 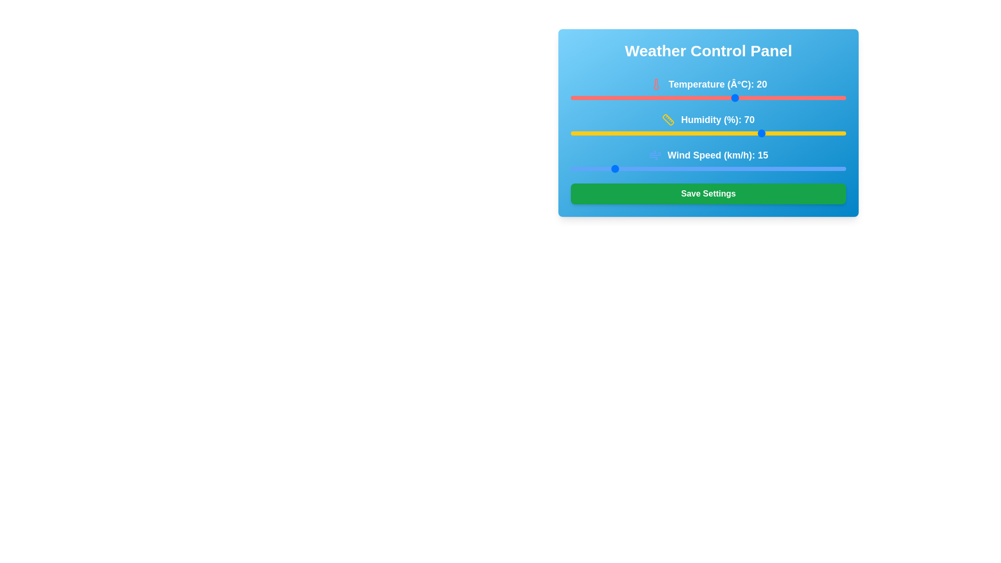 What do you see at coordinates (655, 84) in the screenshot?
I see `the vertical thermometer icon in the top-left part of the 'Weather Control Panel', styled with red and white colors, located next to 'Temperature (°C): 20'` at bounding box center [655, 84].